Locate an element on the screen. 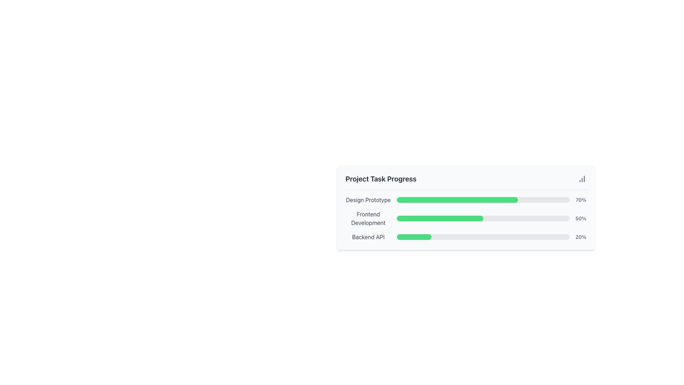  the label identifying the task 'Frontend Development' in the progress tracker interface, located in the second row's leftmost section is located at coordinates (368, 218).